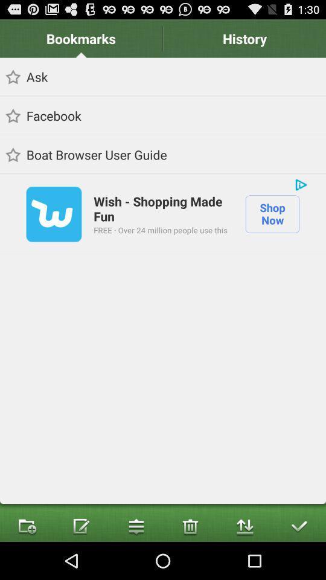 The image size is (326, 580). What do you see at coordinates (135, 562) in the screenshot?
I see `the sliders icon` at bounding box center [135, 562].